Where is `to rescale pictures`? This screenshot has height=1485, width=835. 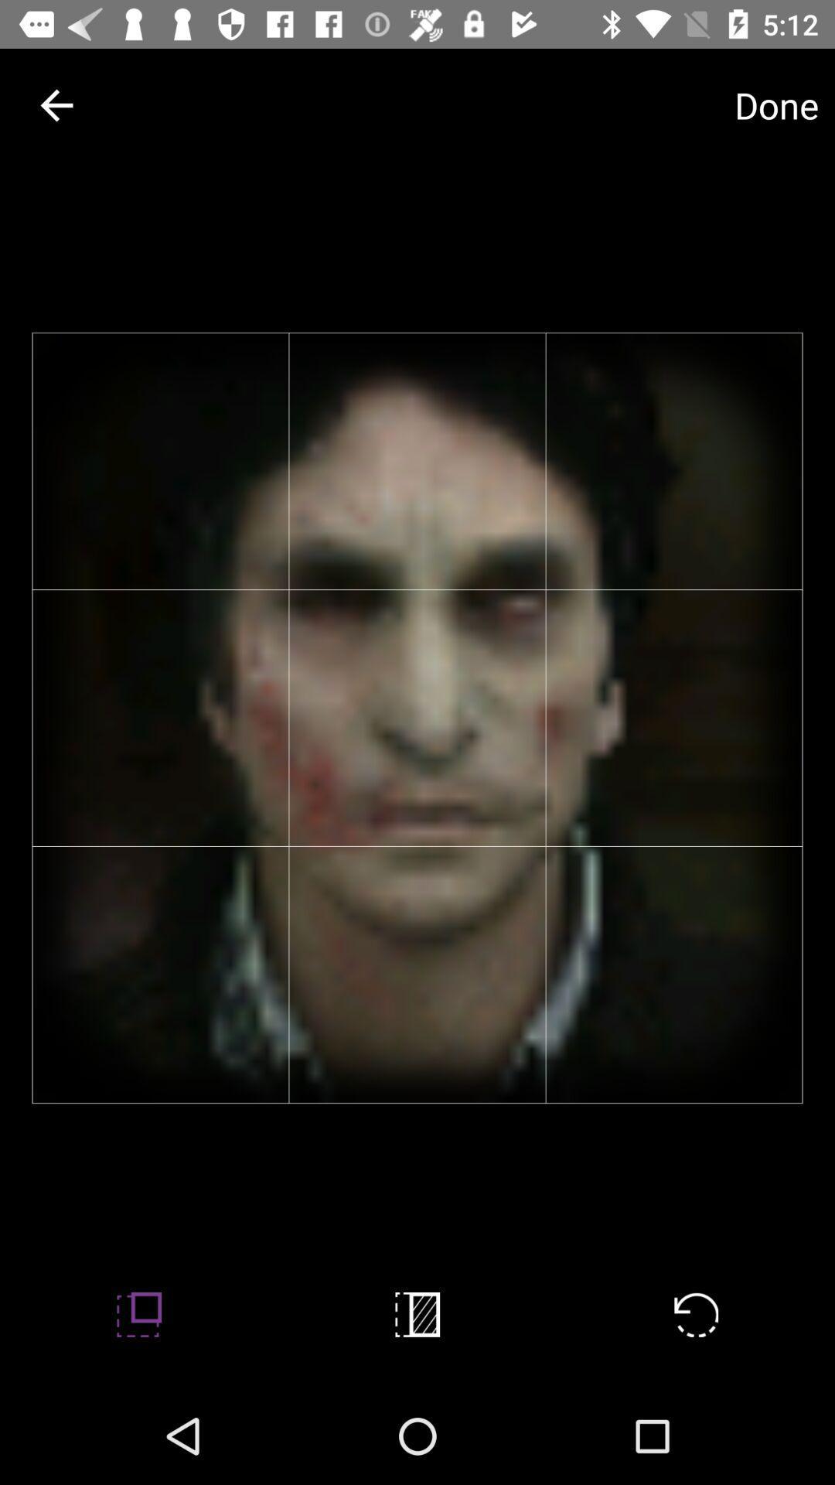 to rescale pictures is located at coordinates (139, 1313).